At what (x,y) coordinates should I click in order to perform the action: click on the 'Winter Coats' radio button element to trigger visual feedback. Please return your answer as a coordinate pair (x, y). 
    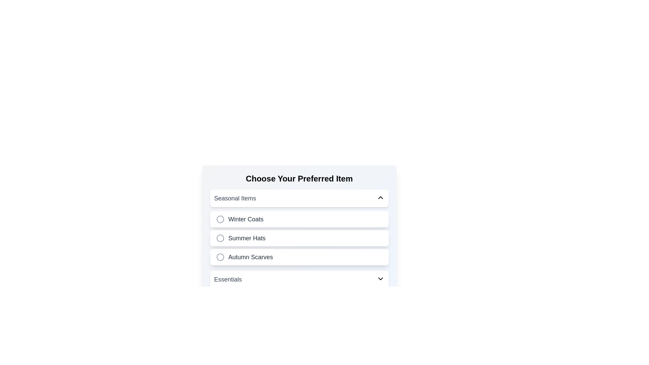
    Looking at the image, I should click on (299, 219).